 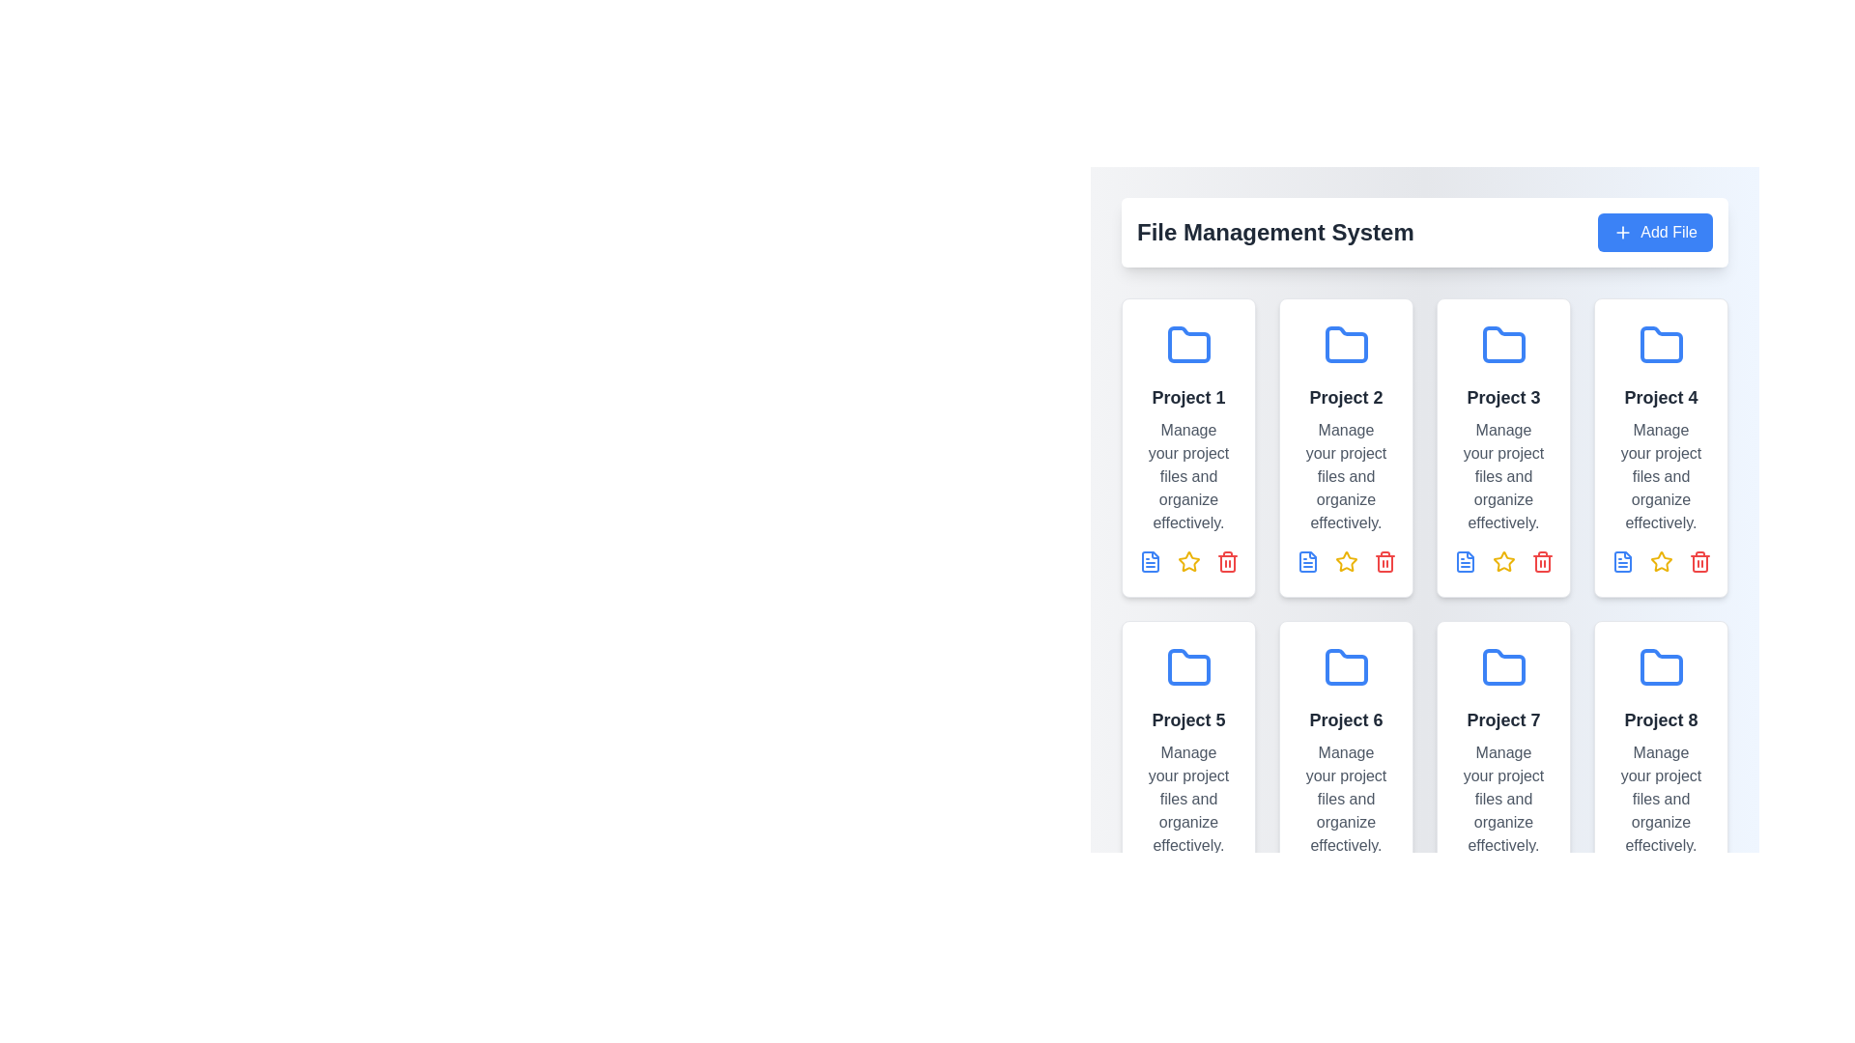 I want to click on the second icon in the action button row under the card titled 'Project 1', so click(x=1187, y=561).